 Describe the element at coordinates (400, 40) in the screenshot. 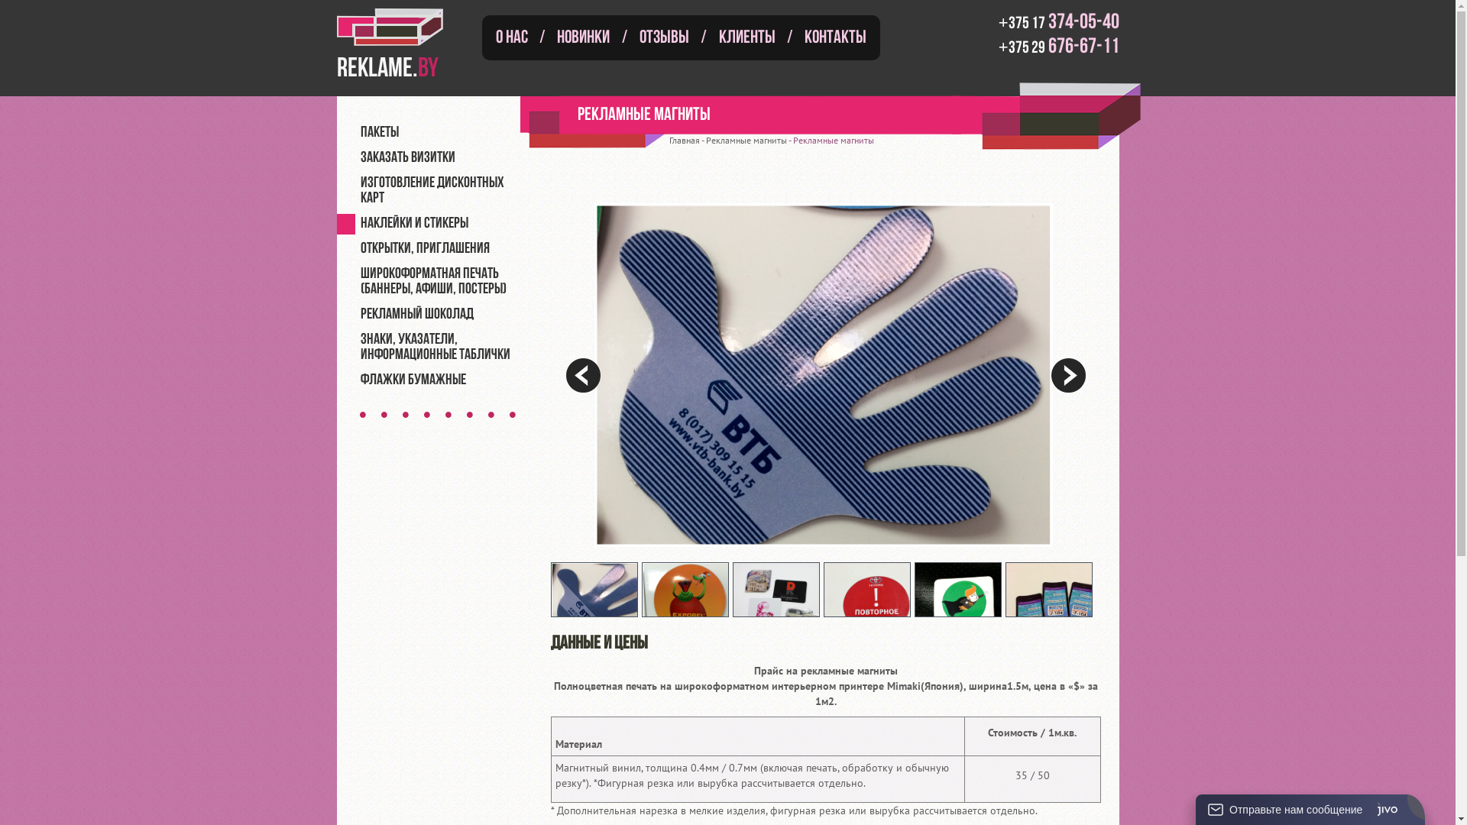

I see `'REKLAME.BY'` at that location.